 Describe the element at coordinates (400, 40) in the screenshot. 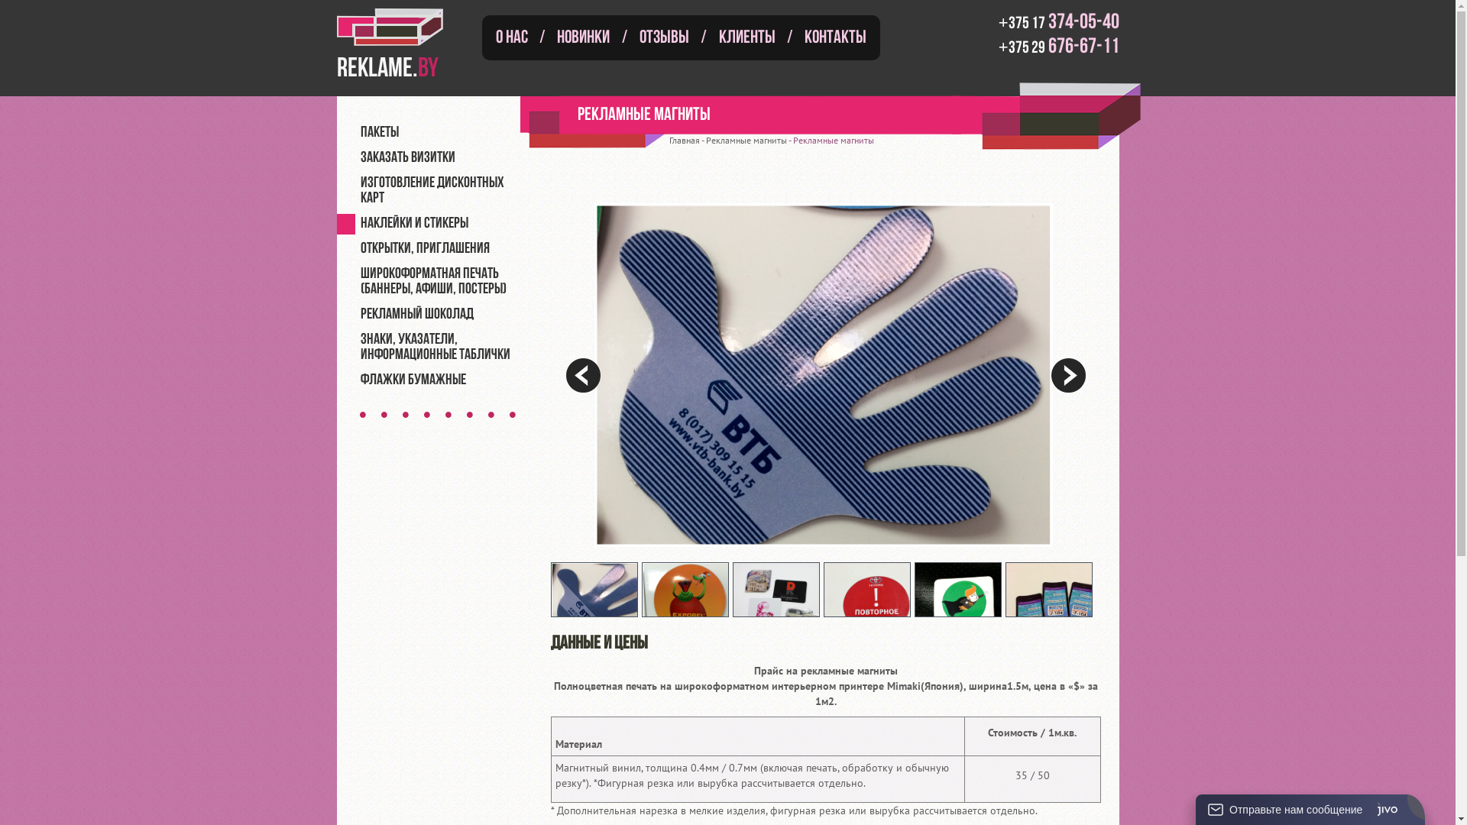

I see `'REKLAME.BY'` at that location.